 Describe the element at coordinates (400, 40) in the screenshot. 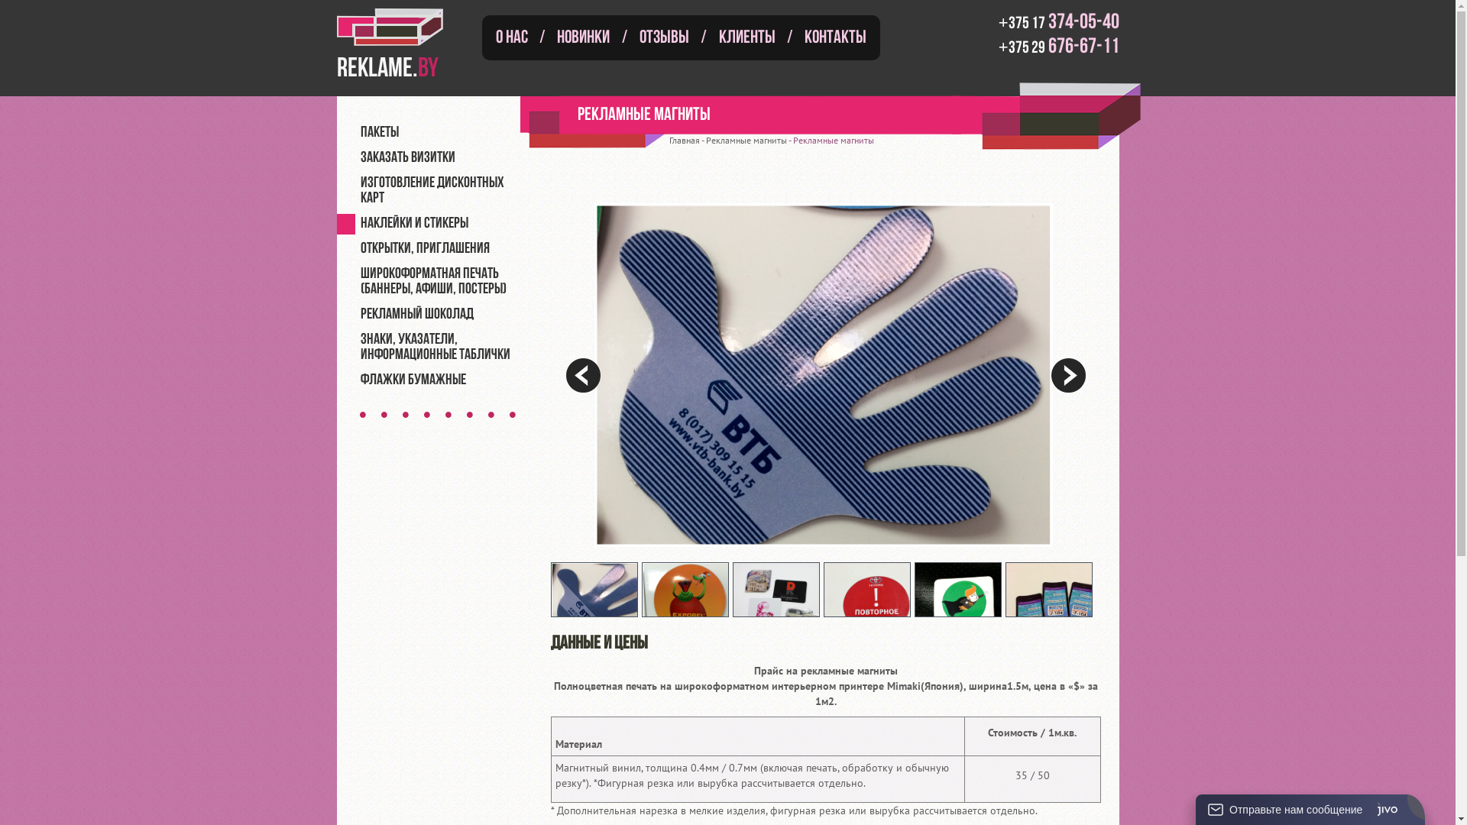

I see `'REKLAME.BY'` at that location.